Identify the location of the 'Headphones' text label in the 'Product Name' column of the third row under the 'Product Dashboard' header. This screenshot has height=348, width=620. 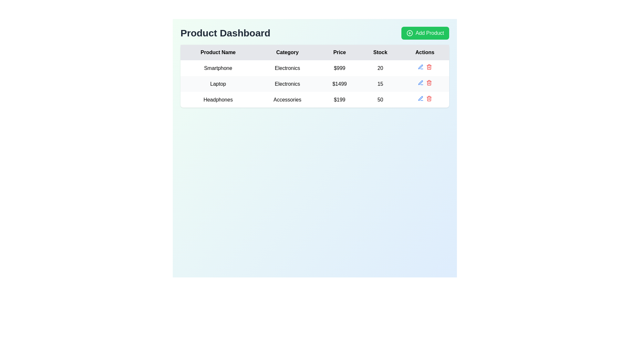
(218, 100).